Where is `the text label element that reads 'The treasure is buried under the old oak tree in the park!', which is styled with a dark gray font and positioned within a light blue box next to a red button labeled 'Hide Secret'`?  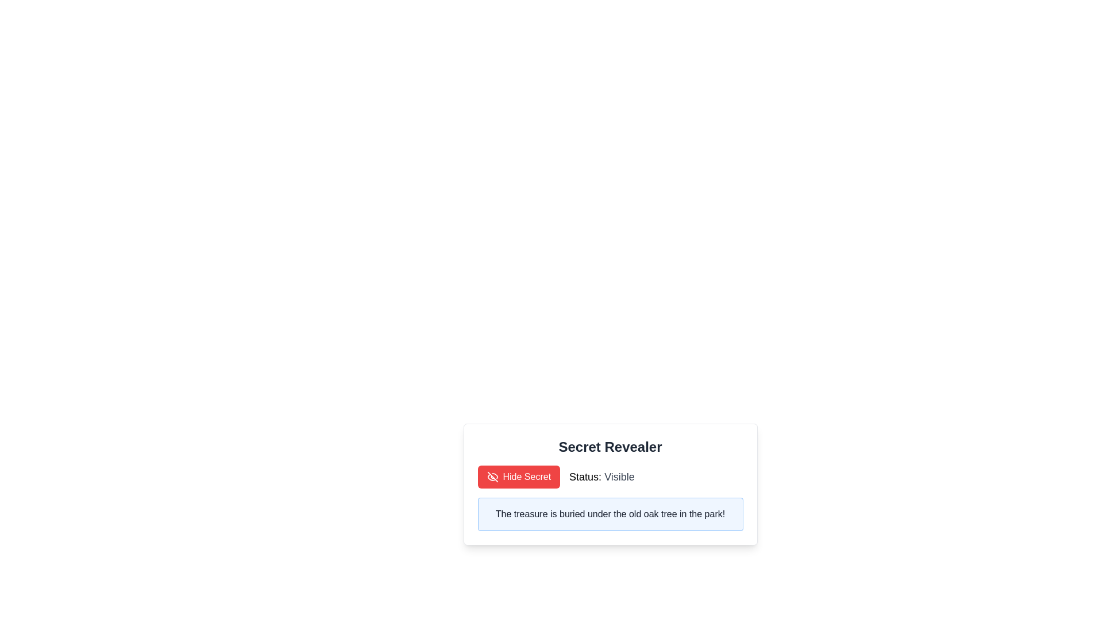
the text label element that reads 'The treasure is buried under the old oak tree in the park!', which is styled with a dark gray font and positioned within a light blue box next to a red button labeled 'Hide Secret' is located at coordinates (610, 513).